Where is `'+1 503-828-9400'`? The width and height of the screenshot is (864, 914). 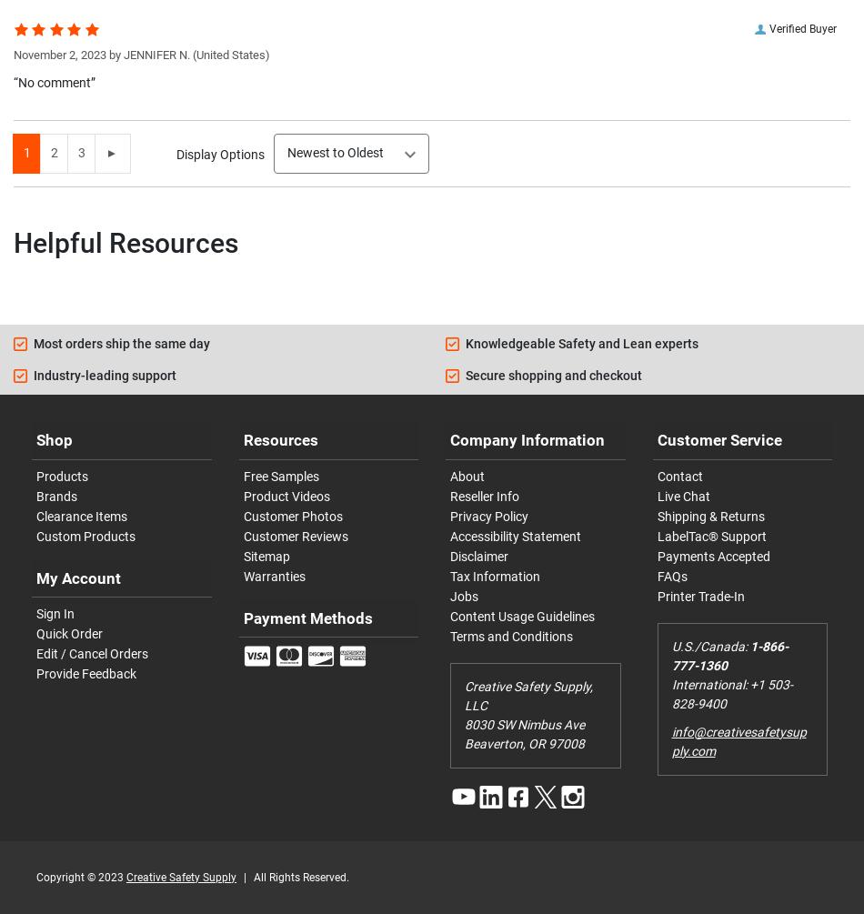
'+1 503-828-9400' is located at coordinates (730, 693).